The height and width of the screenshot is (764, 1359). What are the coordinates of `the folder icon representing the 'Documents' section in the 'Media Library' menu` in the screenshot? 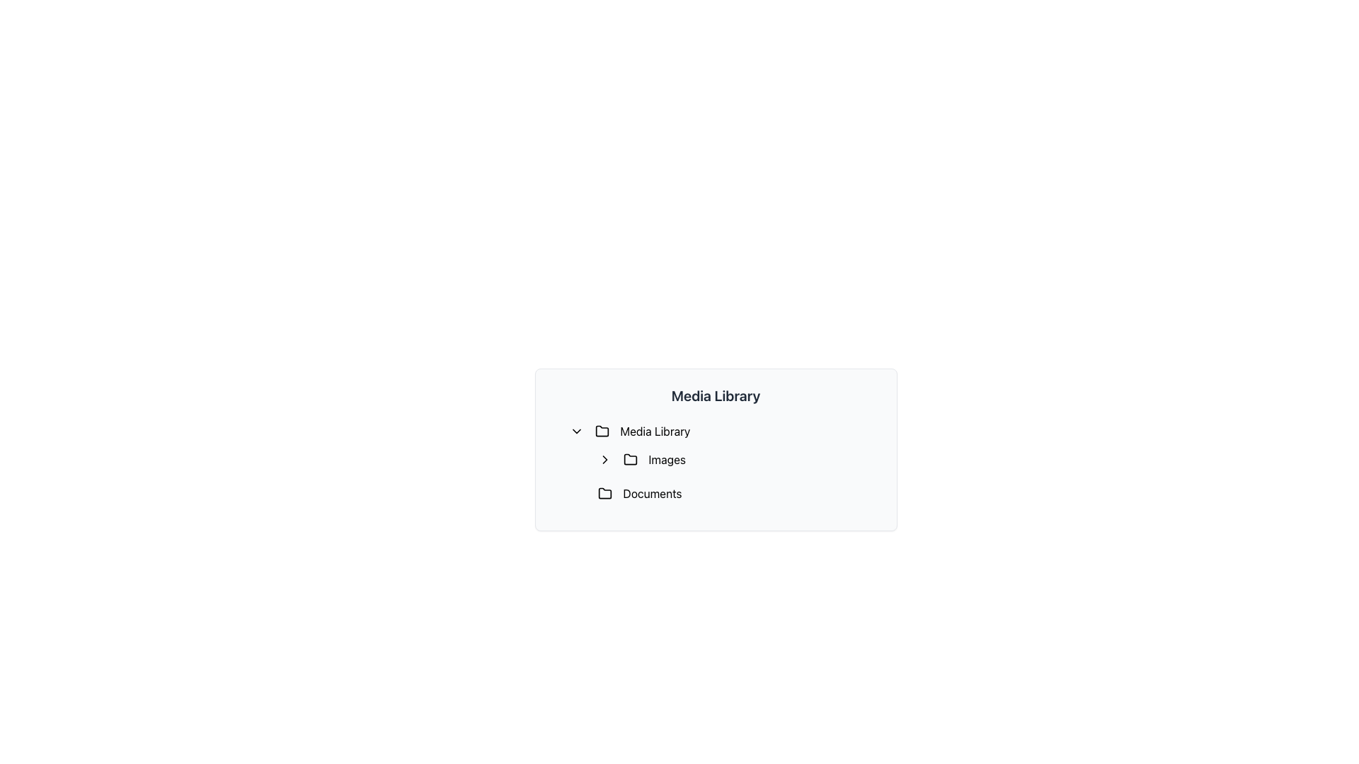 It's located at (604, 493).